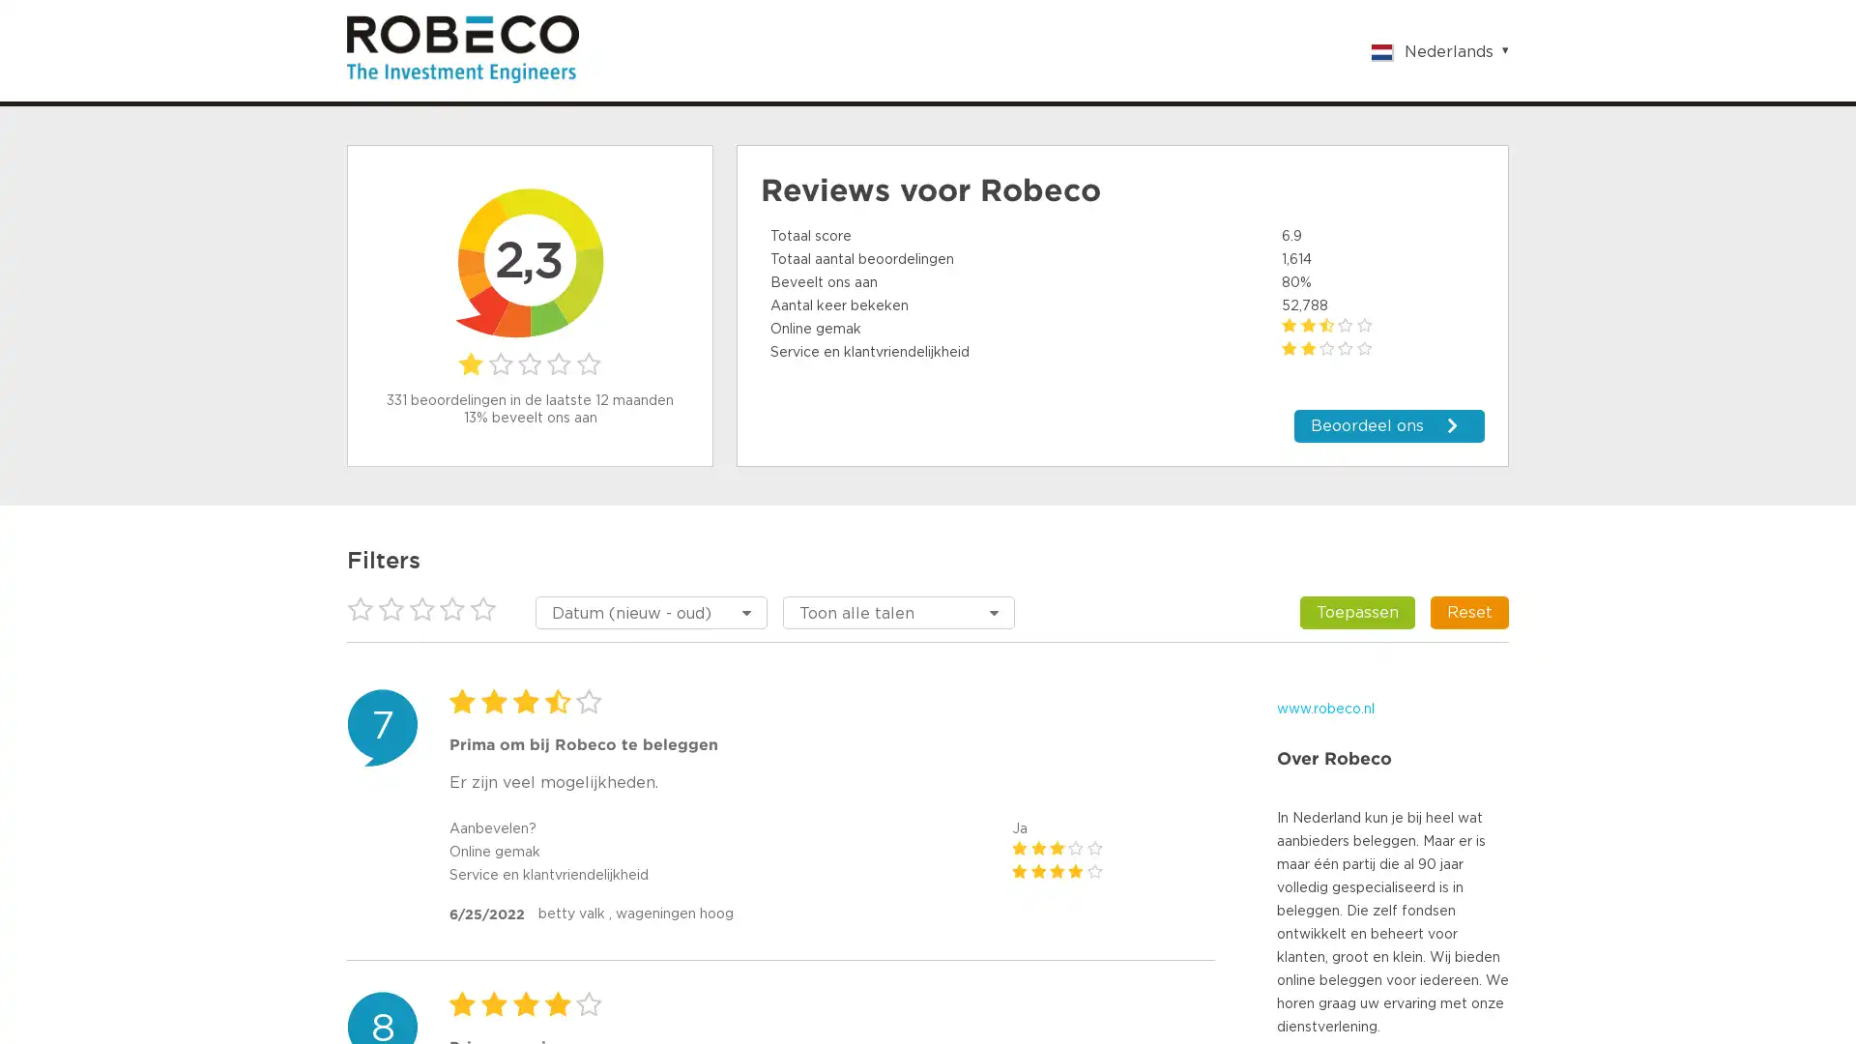 This screenshot has height=1044, width=1856. Describe the element at coordinates (1387, 424) in the screenshot. I see `Beoordeel ons` at that location.